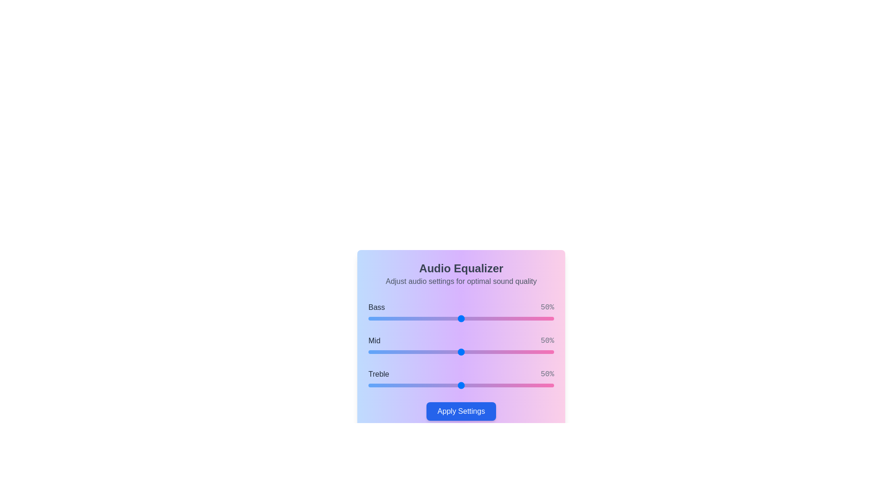 The height and width of the screenshot is (501, 891). I want to click on the 1 slider to 1%, so click(369, 352).